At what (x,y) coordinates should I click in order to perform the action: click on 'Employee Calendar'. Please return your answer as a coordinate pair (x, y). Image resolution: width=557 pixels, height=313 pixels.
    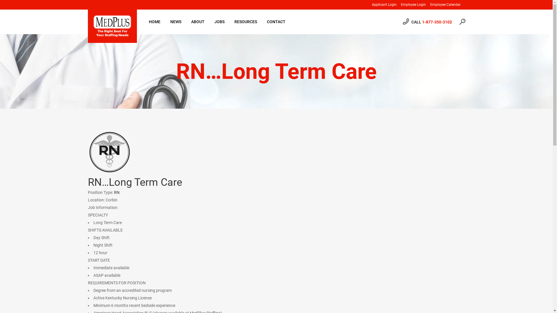
    Looking at the image, I should click on (443, 5).